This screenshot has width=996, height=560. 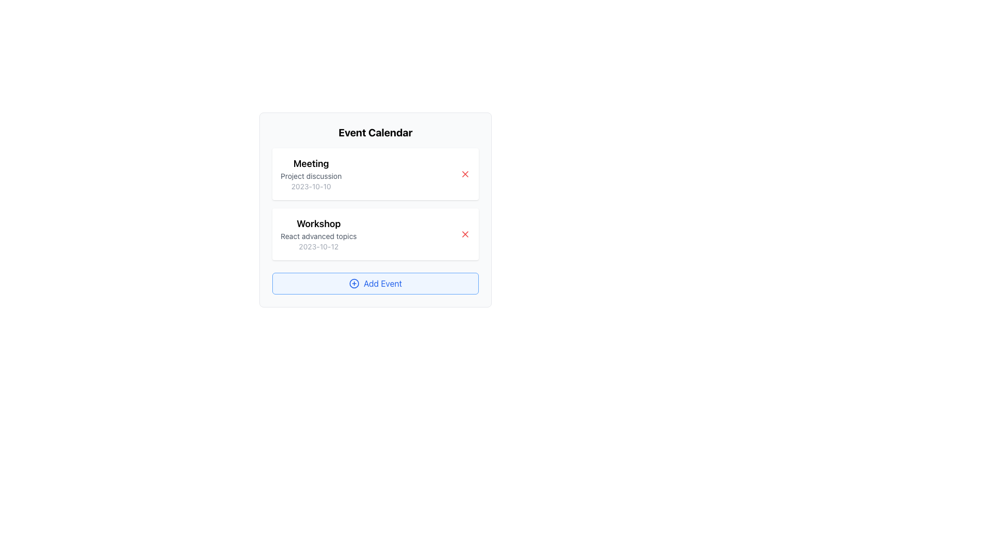 What do you see at coordinates (318, 223) in the screenshot?
I see `the workshop event title label` at bounding box center [318, 223].